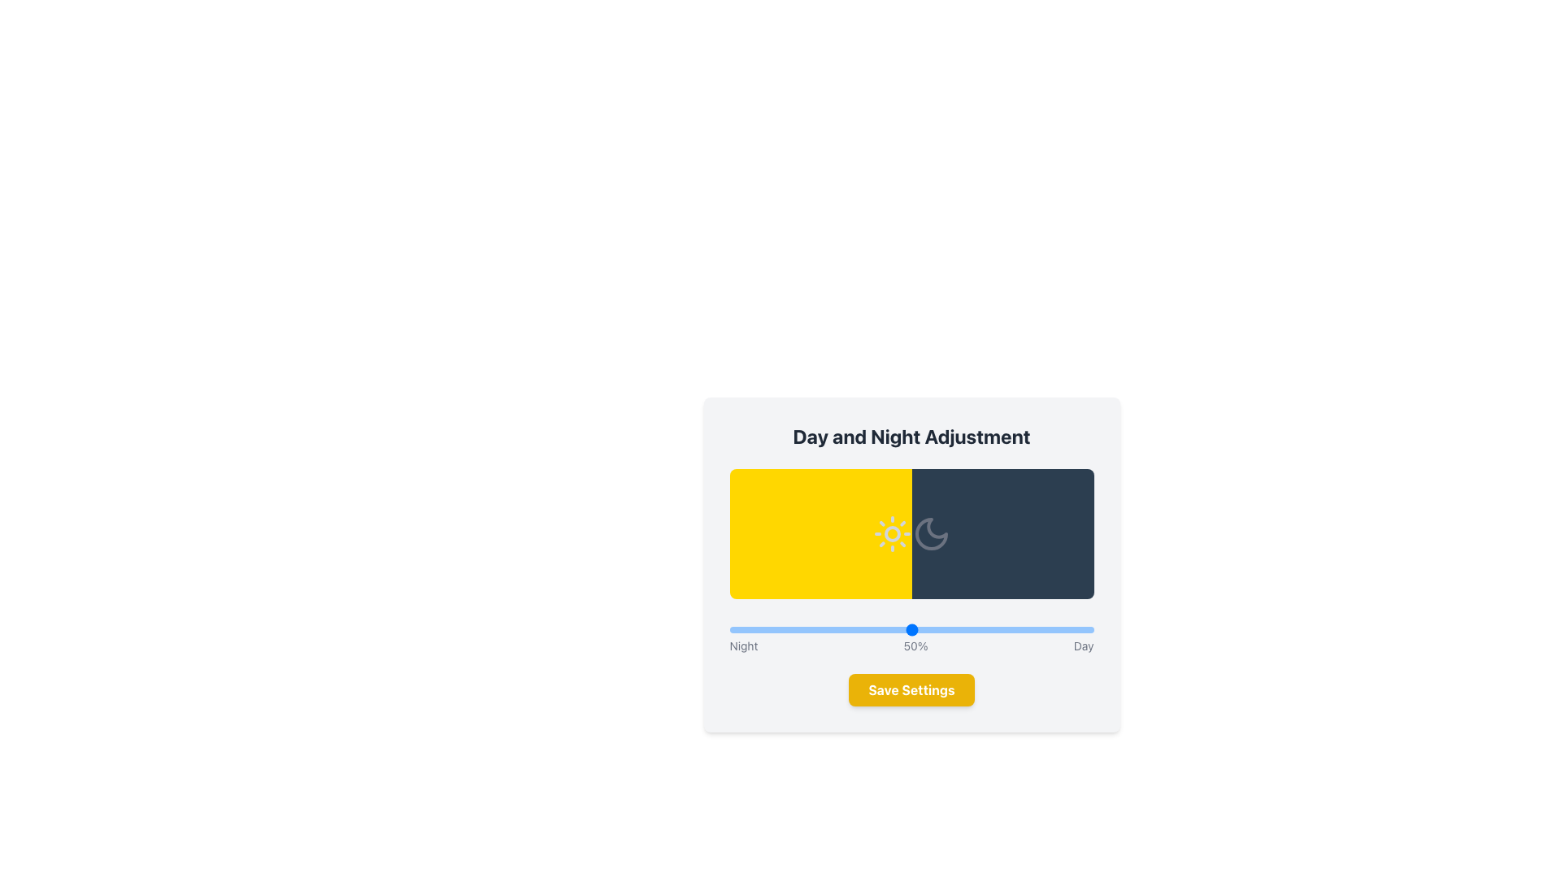 This screenshot has height=878, width=1561. Describe the element at coordinates (891, 533) in the screenshot. I see `the central circle of the sun icon in the Day and Night Adjustment feature, which is represented by an SVG shape located in the top-left part of the yellow box` at that location.